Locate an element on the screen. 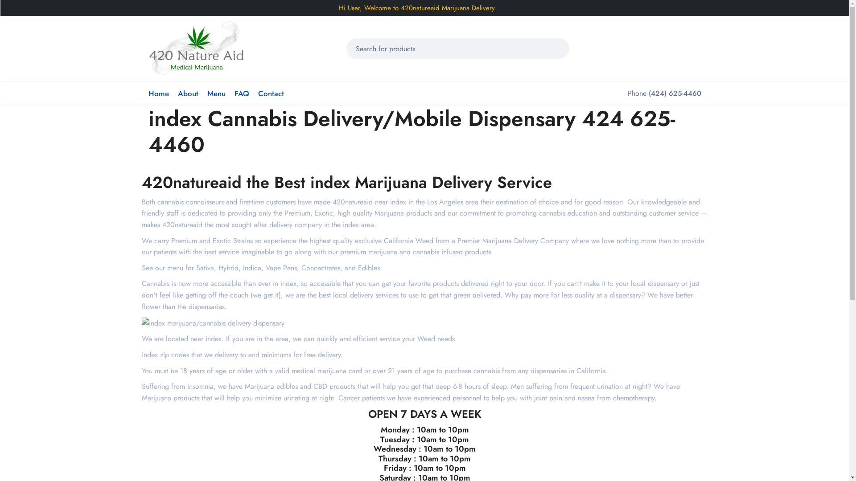 The width and height of the screenshot is (856, 481). 'Home' is located at coordinates (148, 93).